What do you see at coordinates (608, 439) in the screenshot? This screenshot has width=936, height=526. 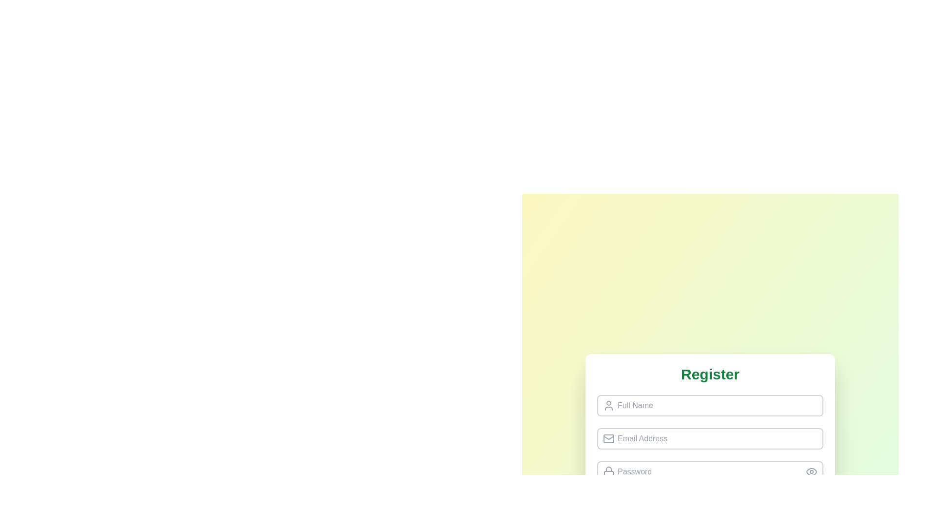 I see `the small rectangular shape with rounded corners that is part of the mail icon in the user registration form, located near the left side of the 'Email Address' input field` at bounding box center [608, 439].